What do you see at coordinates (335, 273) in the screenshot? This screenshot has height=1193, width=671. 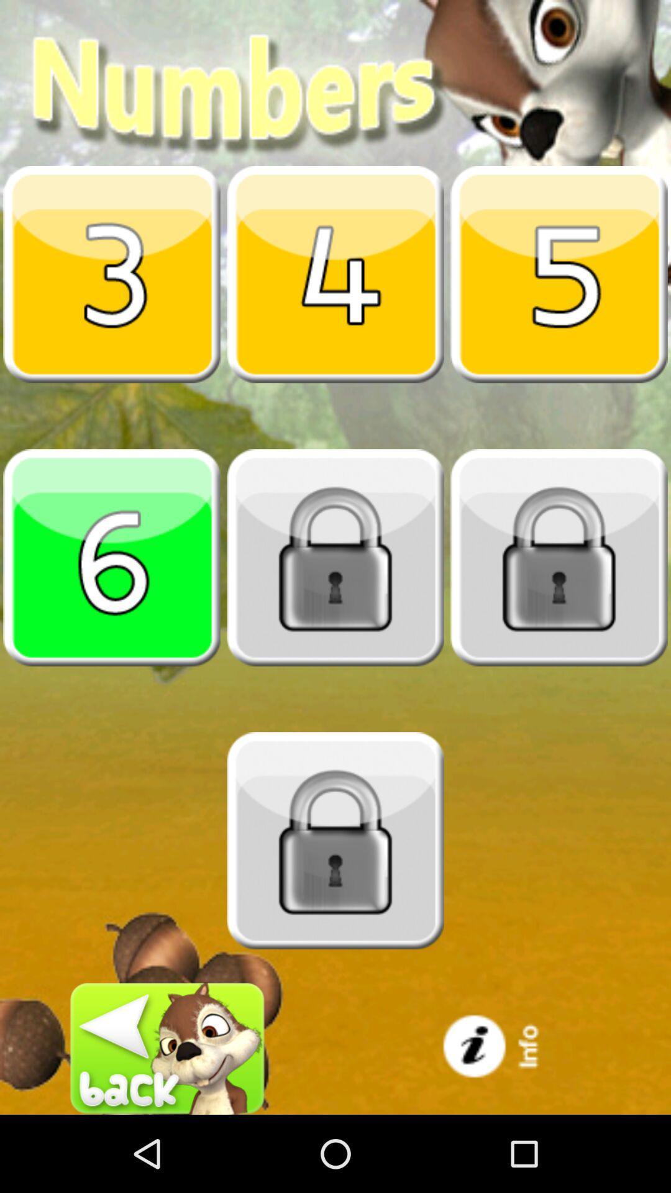 I see `press 4` at bounding box center [335, 273].